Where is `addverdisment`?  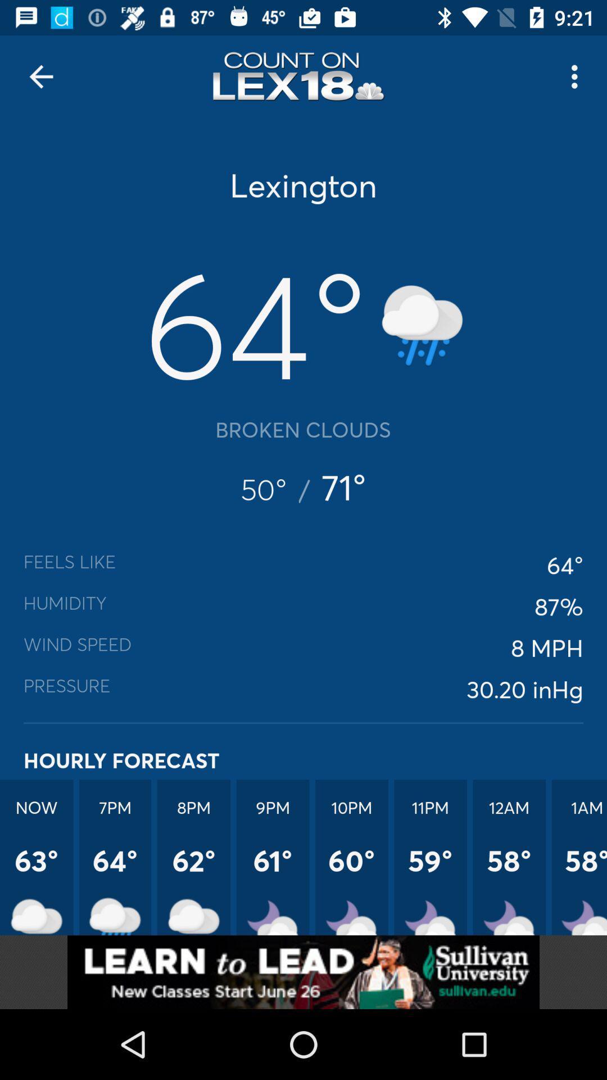 addverdisment is located at coordinates (303, 971).